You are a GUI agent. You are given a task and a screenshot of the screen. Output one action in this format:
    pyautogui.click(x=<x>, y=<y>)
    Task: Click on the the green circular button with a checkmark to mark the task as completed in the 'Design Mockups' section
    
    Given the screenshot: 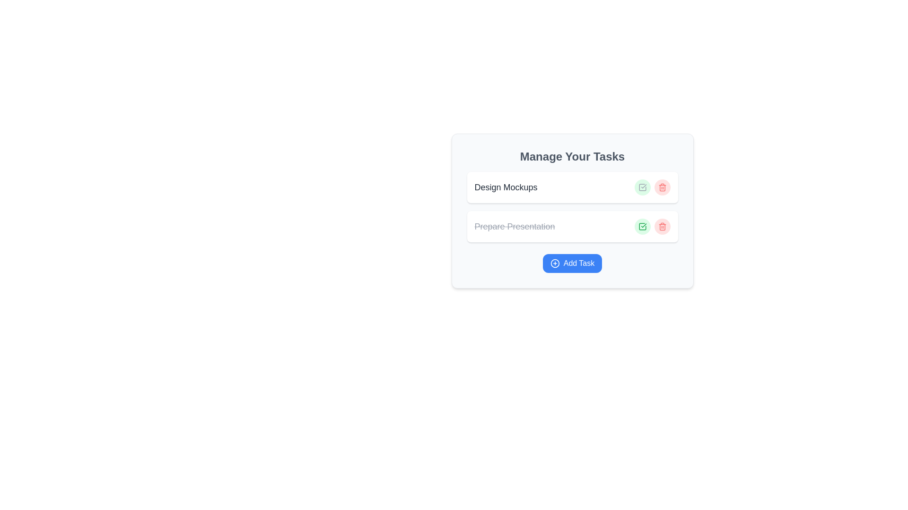 What is the action you would take?
    pyautogui.click(x=652, y=187)
    